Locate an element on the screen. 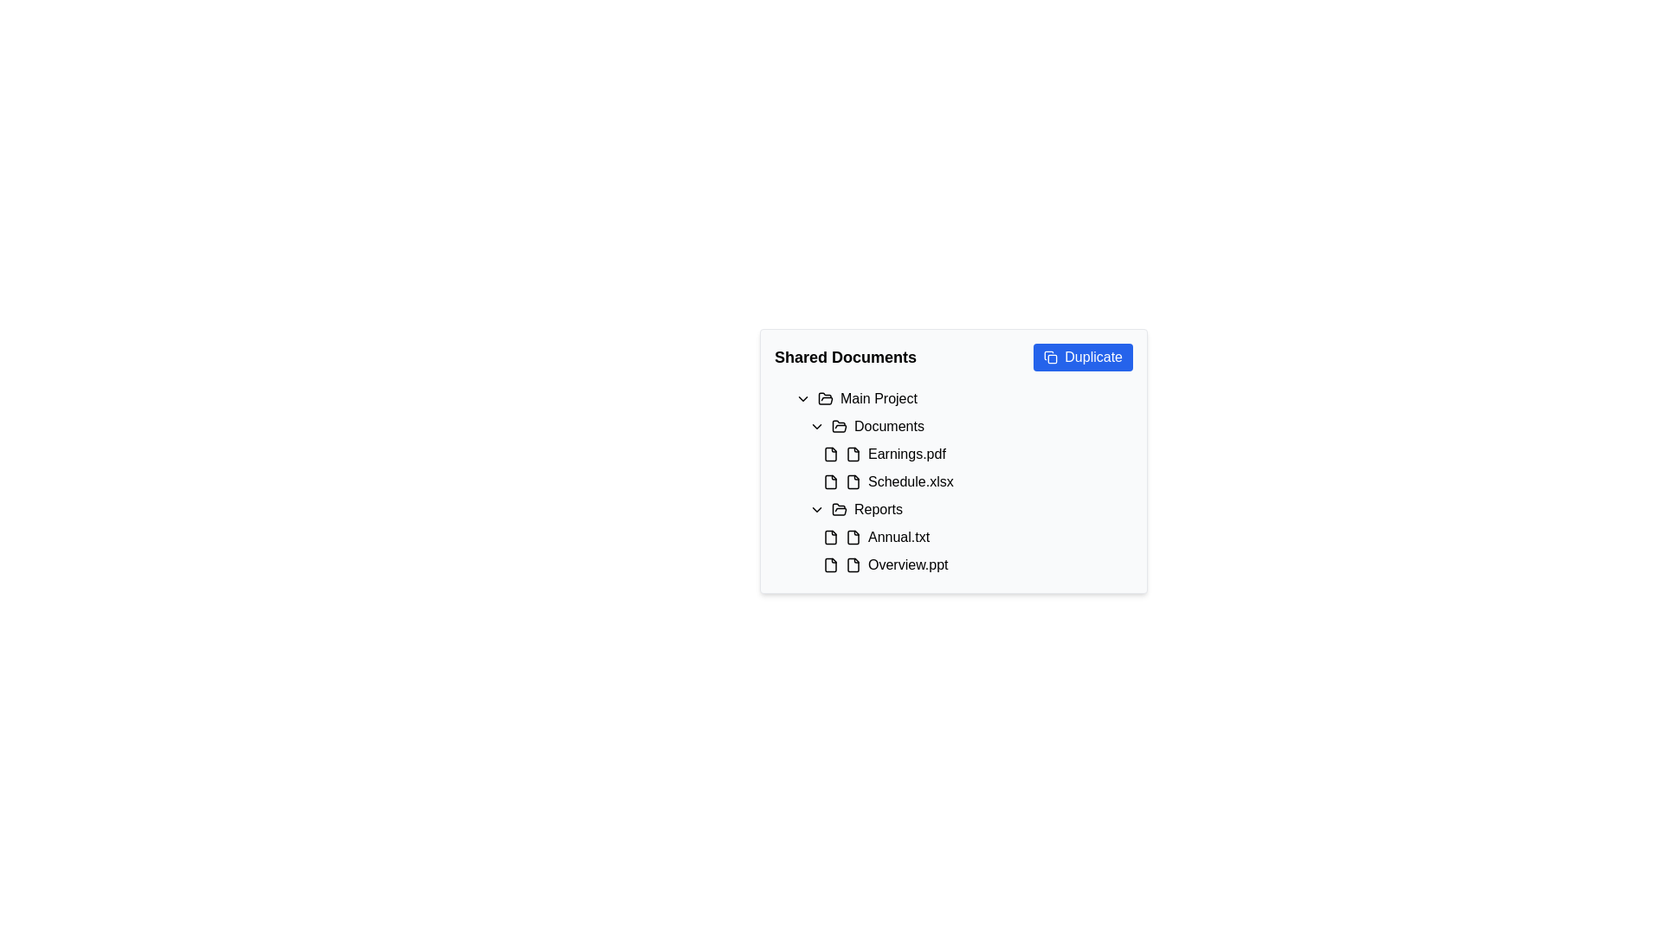 This screenshot has width=1662, height=935. the text label representing the file 'Annual.txt' located in the 'Reports' folder section is located at coordinates (899, 537).